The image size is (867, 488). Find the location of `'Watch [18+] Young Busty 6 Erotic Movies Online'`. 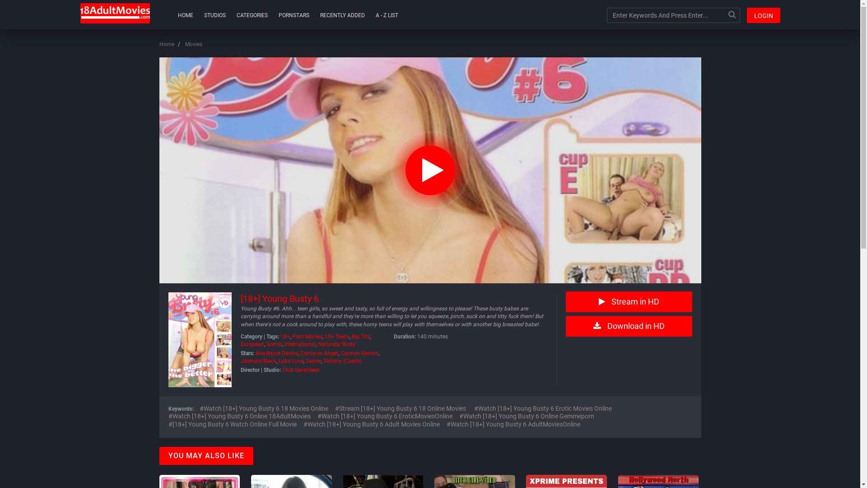

'Watch [18+] Young Busty 6 Erotic Movies Online' is located at coordinates (542, 409).